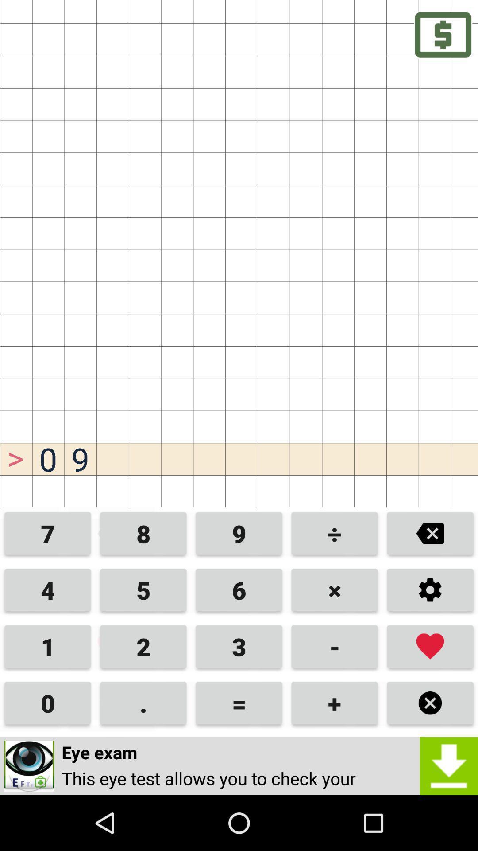 This screenshot has width=478, height=851. What do you see at coordinates (430, 534) in the screenshot?
I see `the close icon` at bounding box center [430, 534].